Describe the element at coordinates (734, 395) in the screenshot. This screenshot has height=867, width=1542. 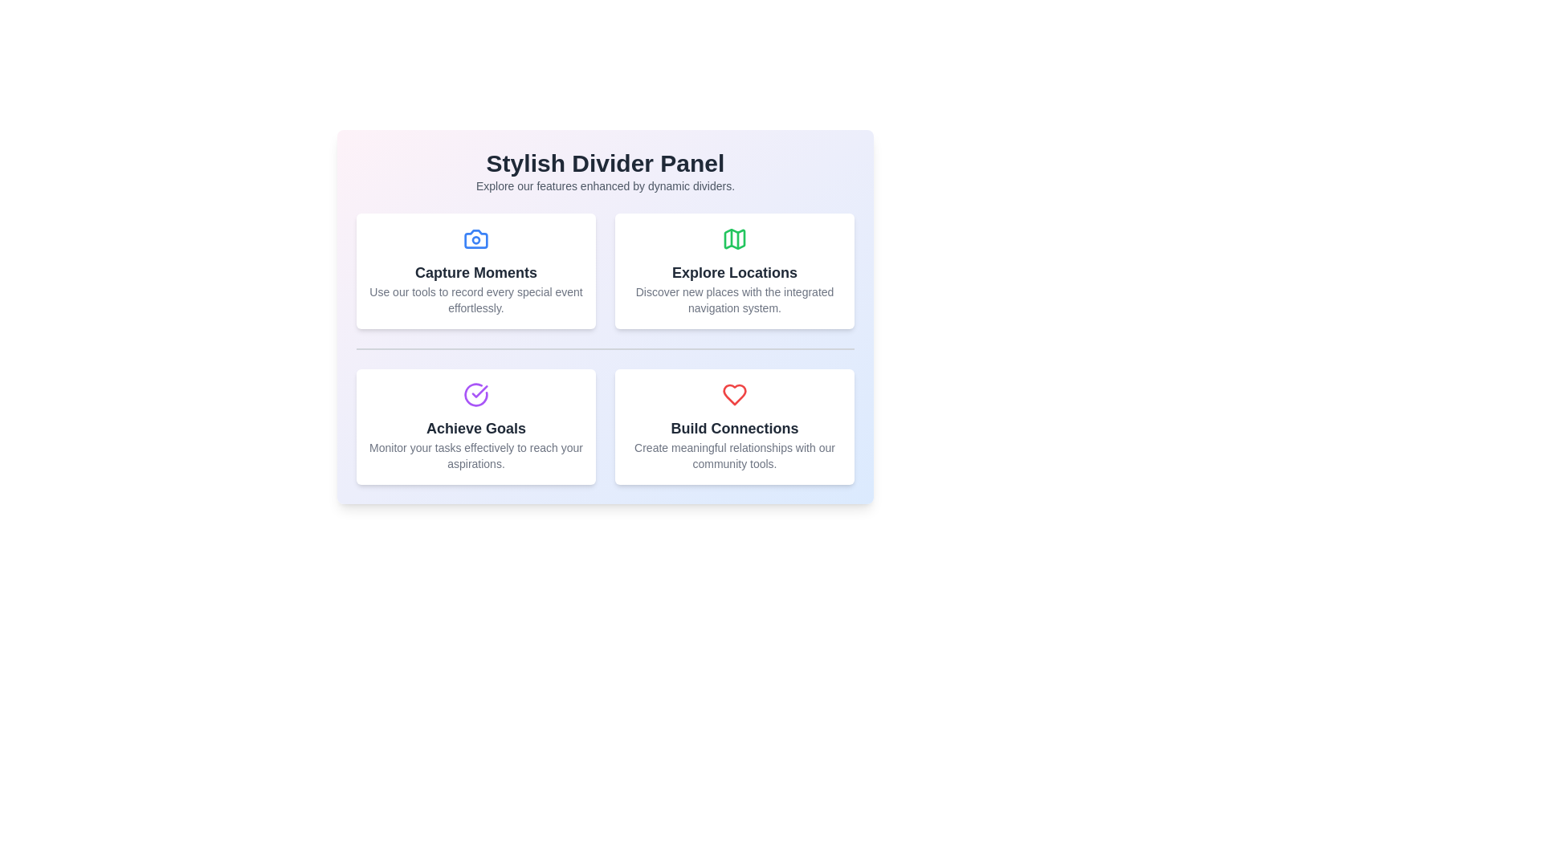
I see `the decorative icon representing connections, located in the fourth card above the text 'Build Connections'` at that location.